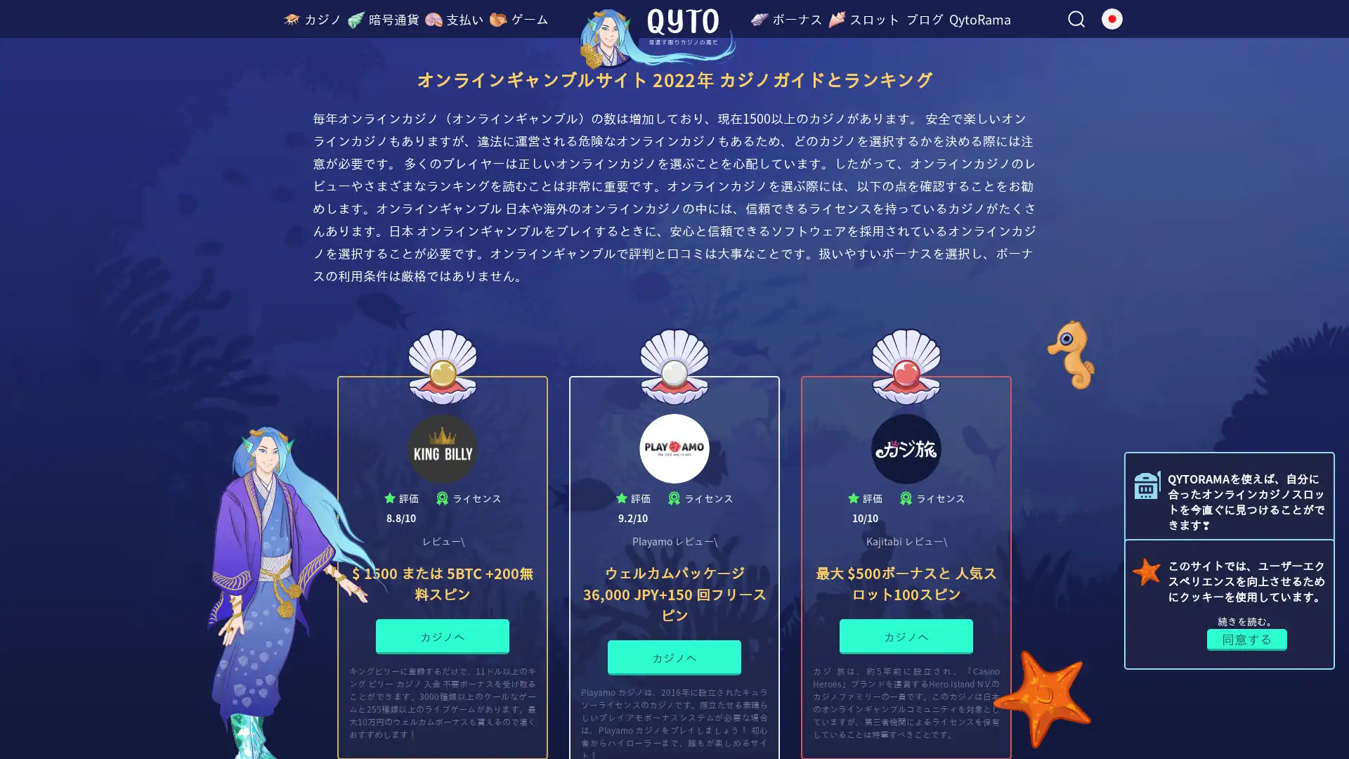 This screenshot has height=759, width=1349. I want to click on JP, so click(1108, 30).